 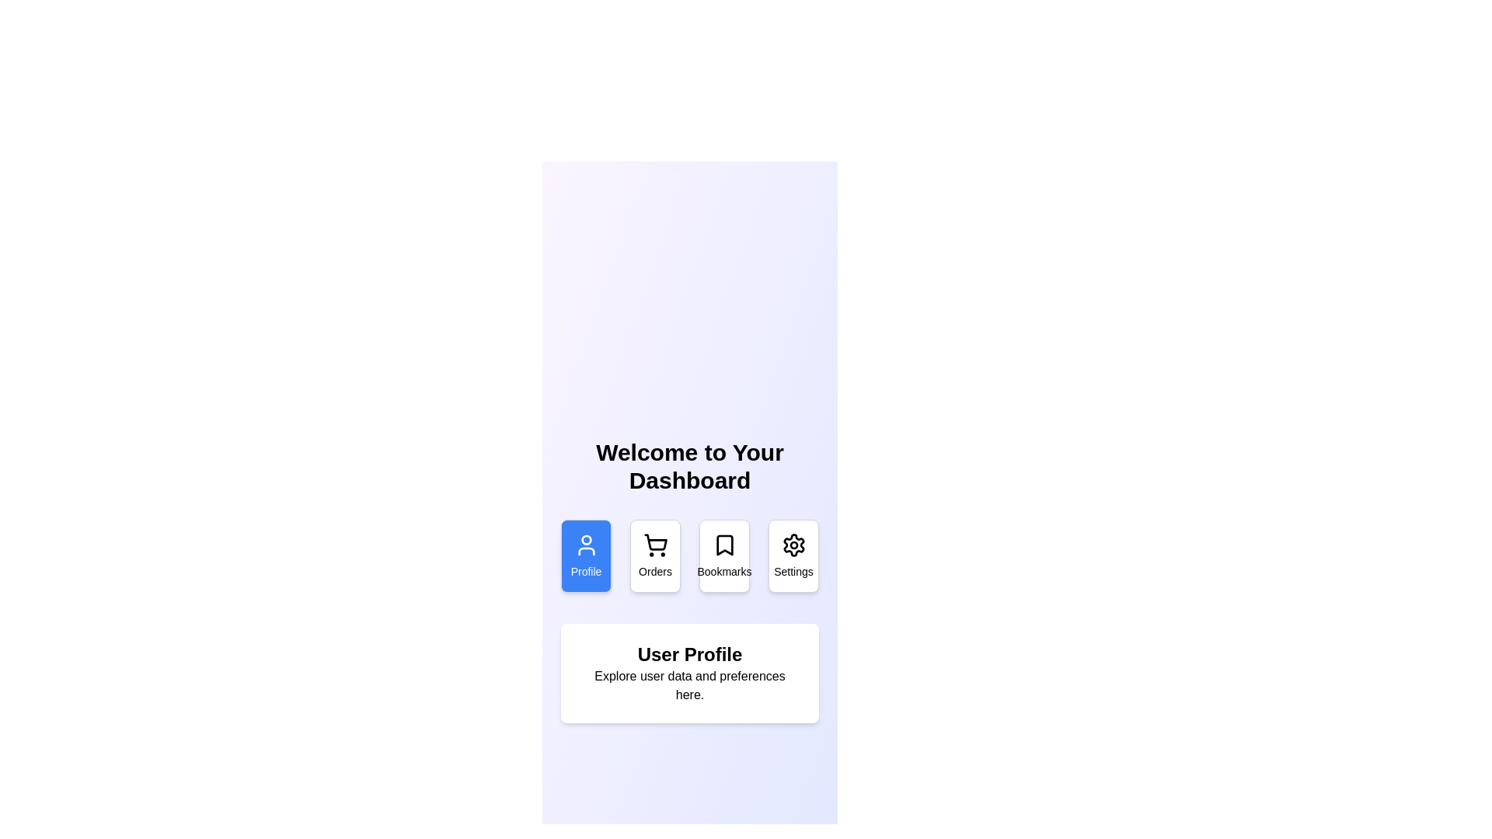 I want to click on the lower part of the user profile icon, which is part of the navigation bar button labeled 'Profile', so click(x=585, y=550).